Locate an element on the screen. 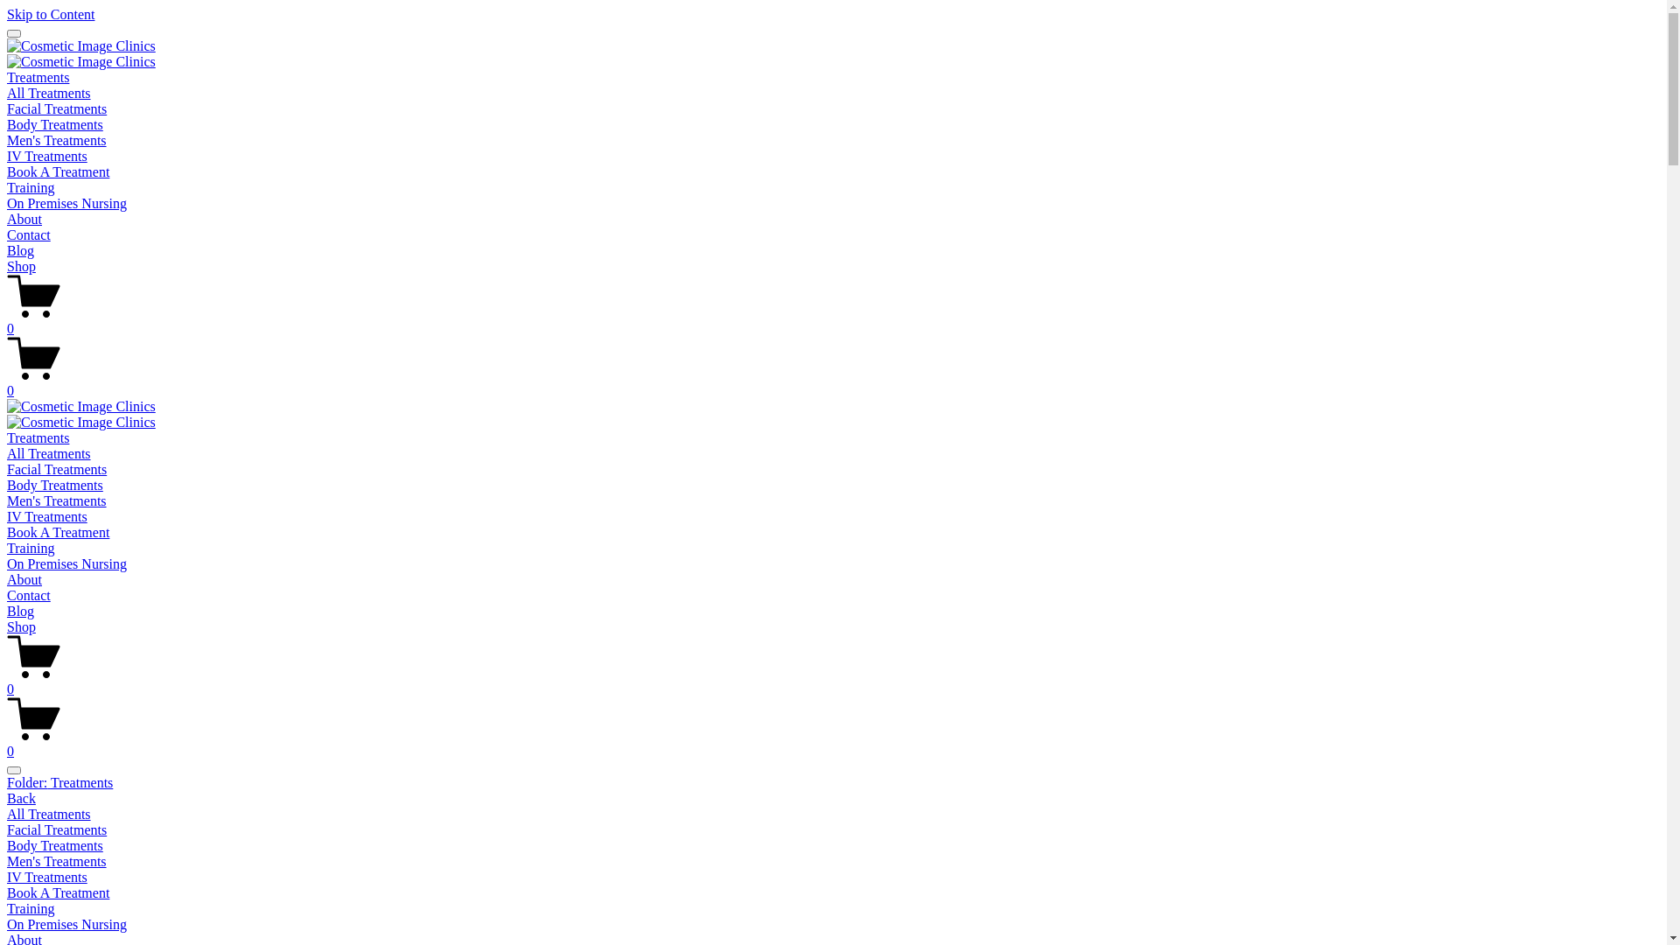 This screenshot has width=1680, height=945. 'Contact' is located at coordinates (29, 234).